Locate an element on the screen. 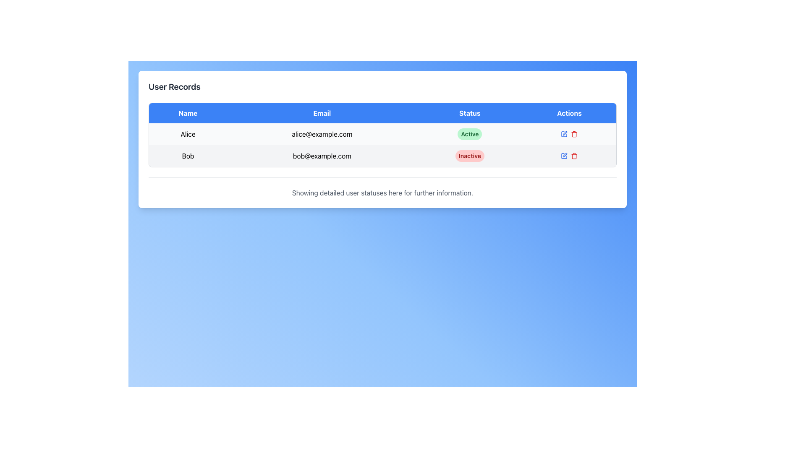  the small pen icon in the Actions column of the second row to initiate an edit operation for the record associated with 'Bob' is located at coordinates (565, 133).